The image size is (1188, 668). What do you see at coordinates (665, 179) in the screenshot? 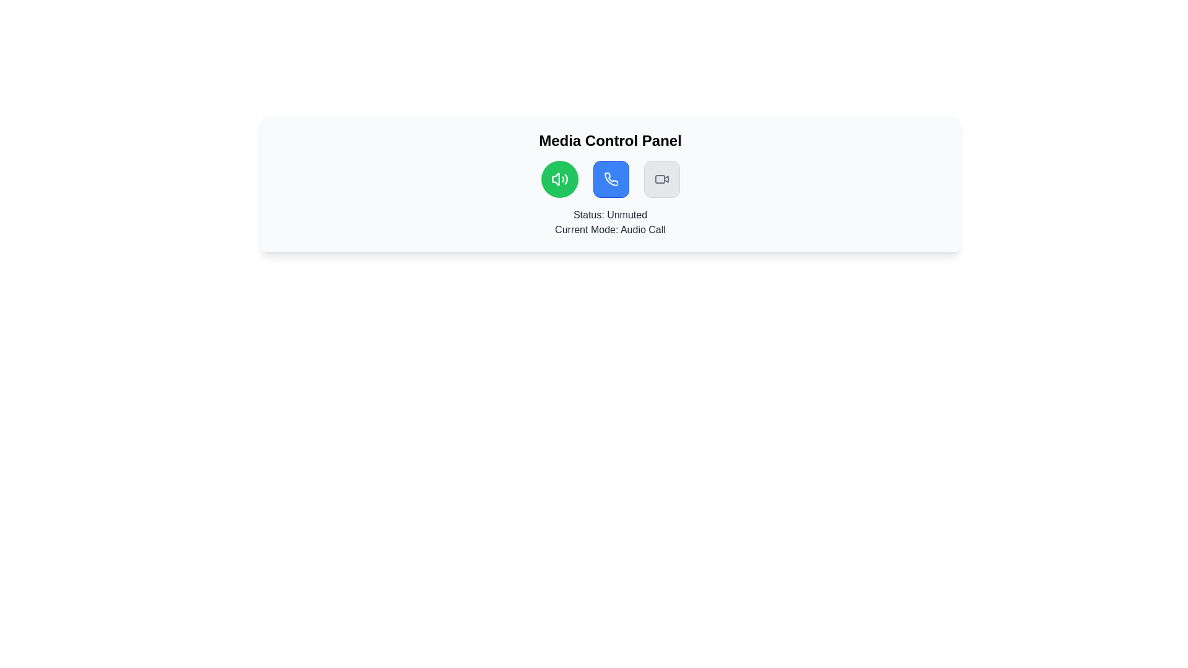
I see `the icon detail within the video button, which is the third button from the left in the media control panel, located to the right of the green audio icon and the blue call icon` at bounding box center [665, 179].